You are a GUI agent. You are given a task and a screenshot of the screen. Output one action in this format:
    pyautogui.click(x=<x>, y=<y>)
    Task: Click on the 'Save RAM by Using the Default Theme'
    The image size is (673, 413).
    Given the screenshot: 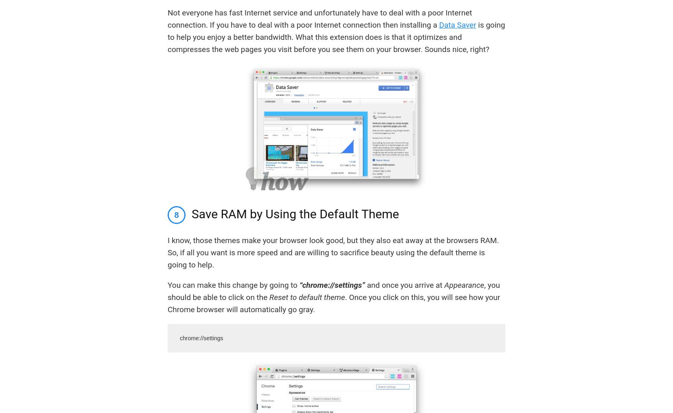 What is the action you would take?
    pyautogui.click(x=295, y=213)
    